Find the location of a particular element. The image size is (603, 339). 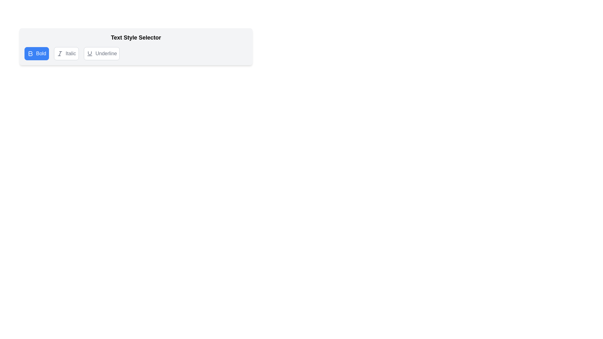

the SVG icon representing the letter 'U' within the third button labeled 'Underline' to apply underline styling is located at coordinates (89, 53).